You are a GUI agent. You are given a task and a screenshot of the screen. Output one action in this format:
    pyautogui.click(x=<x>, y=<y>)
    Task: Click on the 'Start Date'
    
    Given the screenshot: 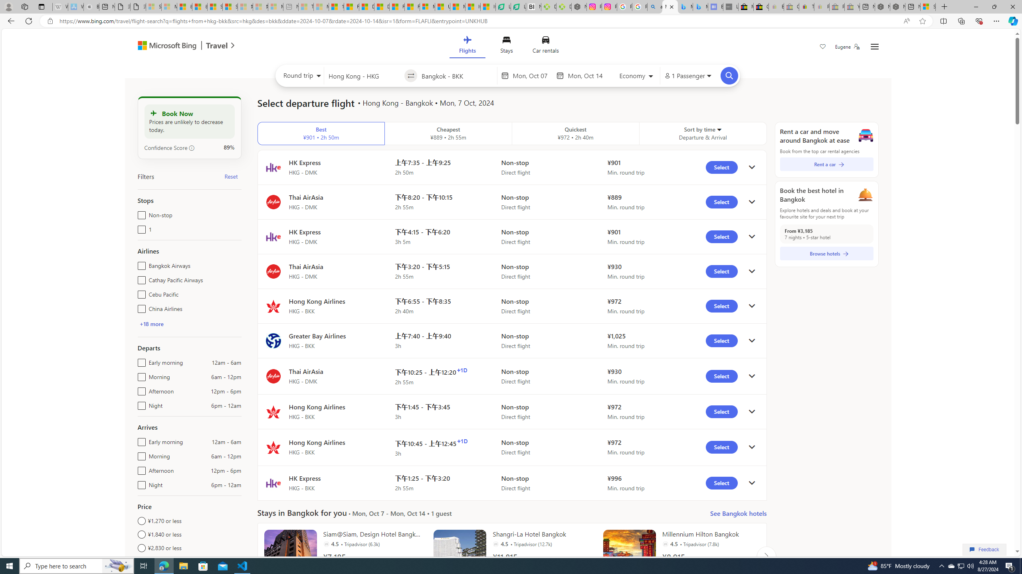 What is the action you would take?
    pyautogui.click(x=532, y=75)
    